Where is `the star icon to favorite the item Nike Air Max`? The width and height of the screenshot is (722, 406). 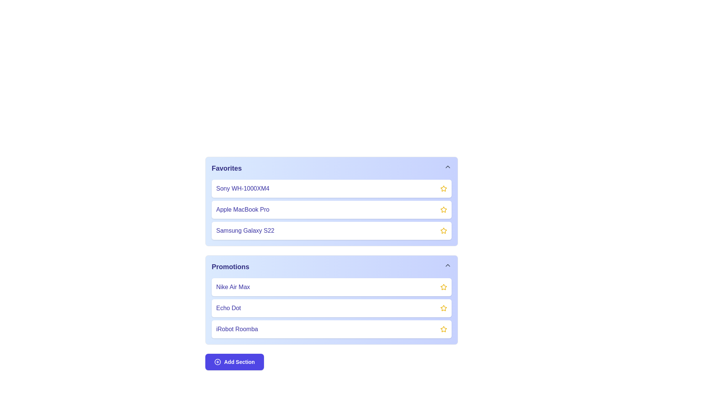 the star icon to favorite the item Nike Air Max is located at coordinates (444, 287).